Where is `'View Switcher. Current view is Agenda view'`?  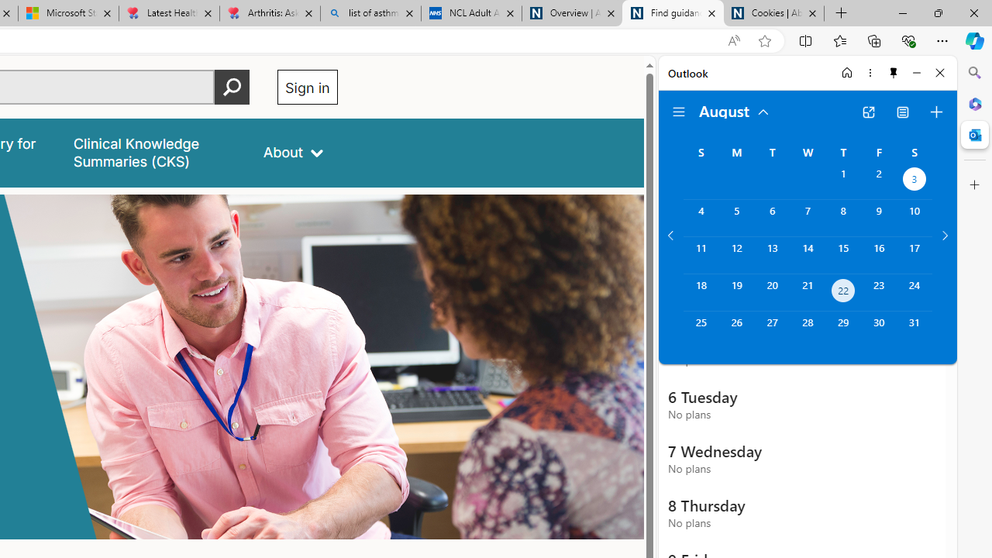 'View Switcher. Current view is Agenda view' is located at coordinates (903, 112).